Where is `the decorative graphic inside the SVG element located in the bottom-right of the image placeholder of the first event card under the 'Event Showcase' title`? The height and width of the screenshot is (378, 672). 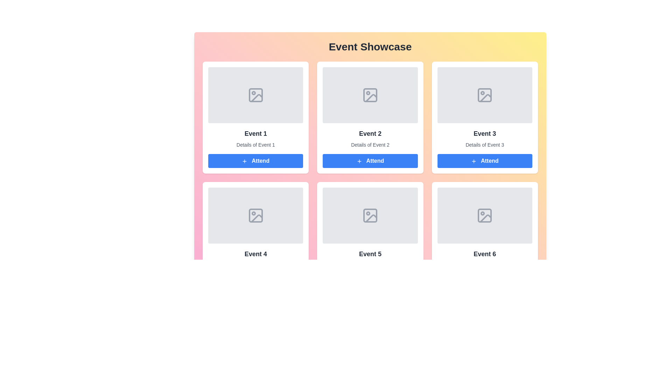
the decorative graphic inside the SVG element located in the bottom-right of the image placeholder of the first event card under the 'Event Showcase' title is located at coordinates (256, 98).